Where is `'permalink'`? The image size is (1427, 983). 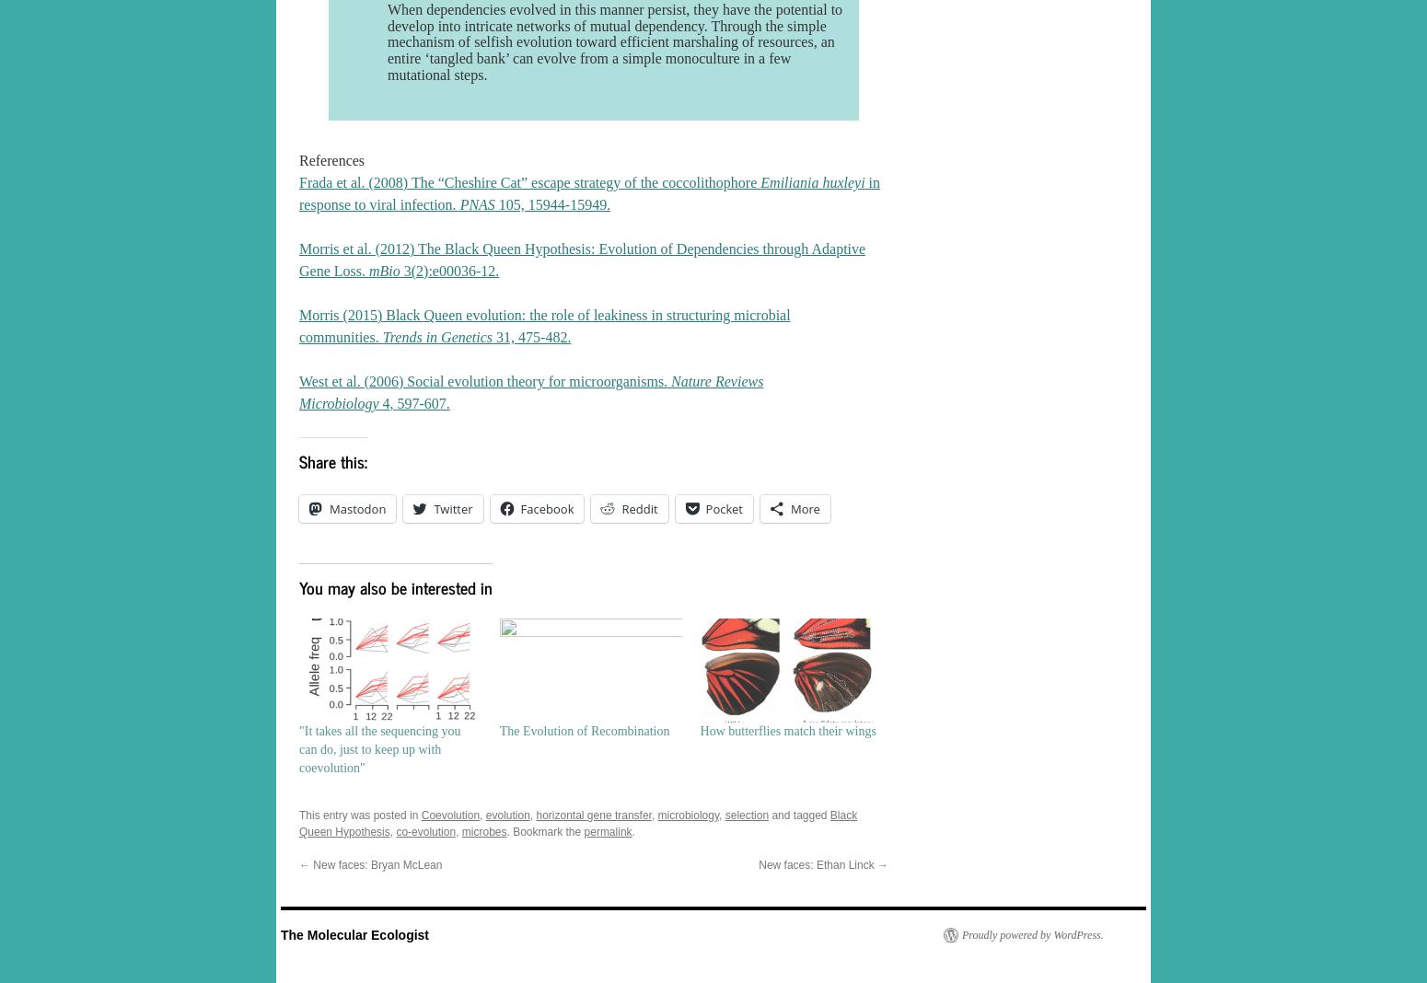
'permalink' is located at coordinates (606, 829).